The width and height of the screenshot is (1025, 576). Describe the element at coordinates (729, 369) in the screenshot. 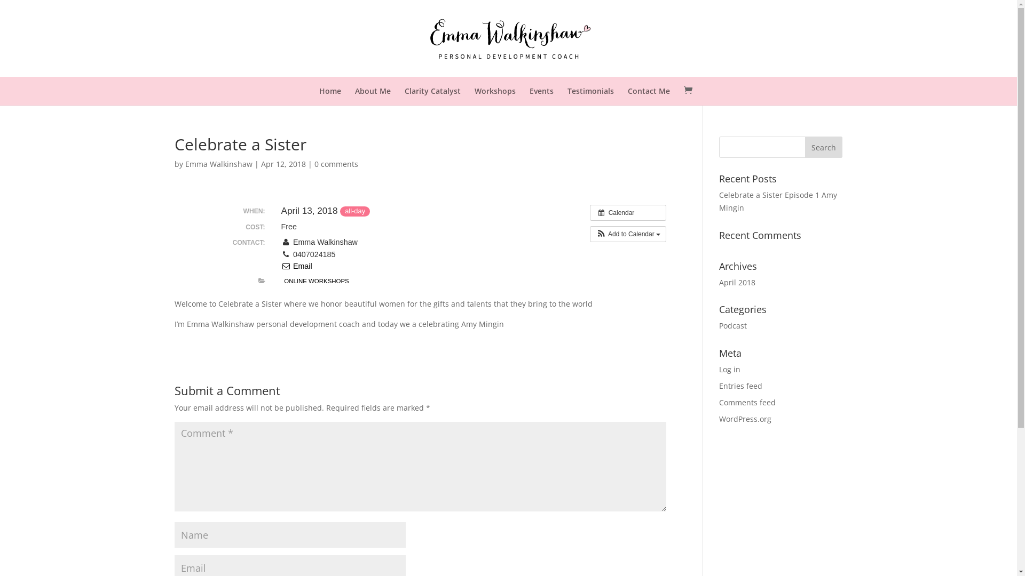

I see `'Log in'` at that location.